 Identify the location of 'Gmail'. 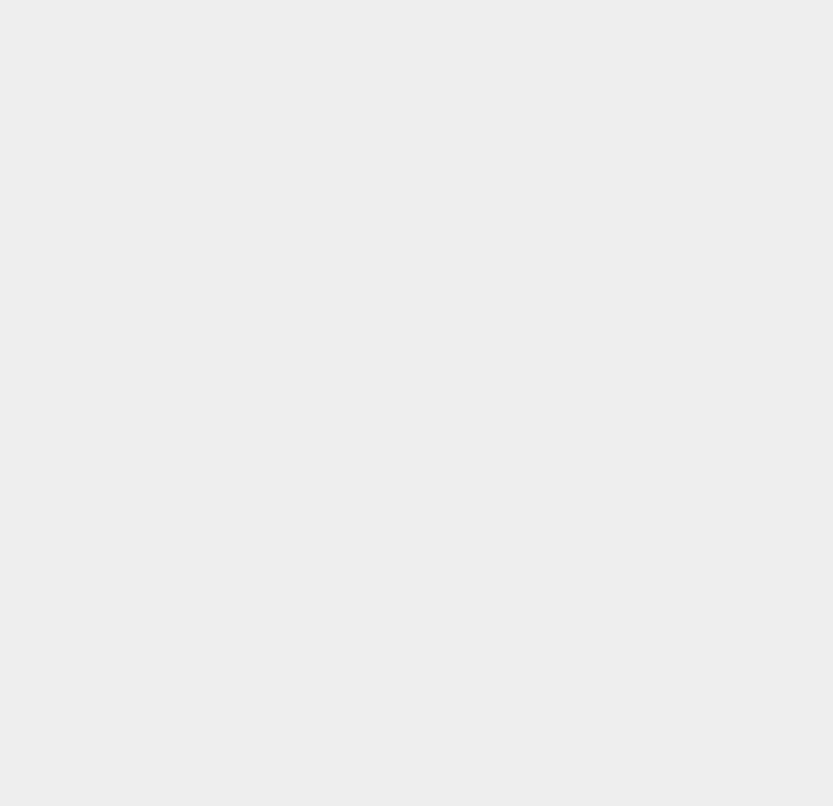
(602, 430).